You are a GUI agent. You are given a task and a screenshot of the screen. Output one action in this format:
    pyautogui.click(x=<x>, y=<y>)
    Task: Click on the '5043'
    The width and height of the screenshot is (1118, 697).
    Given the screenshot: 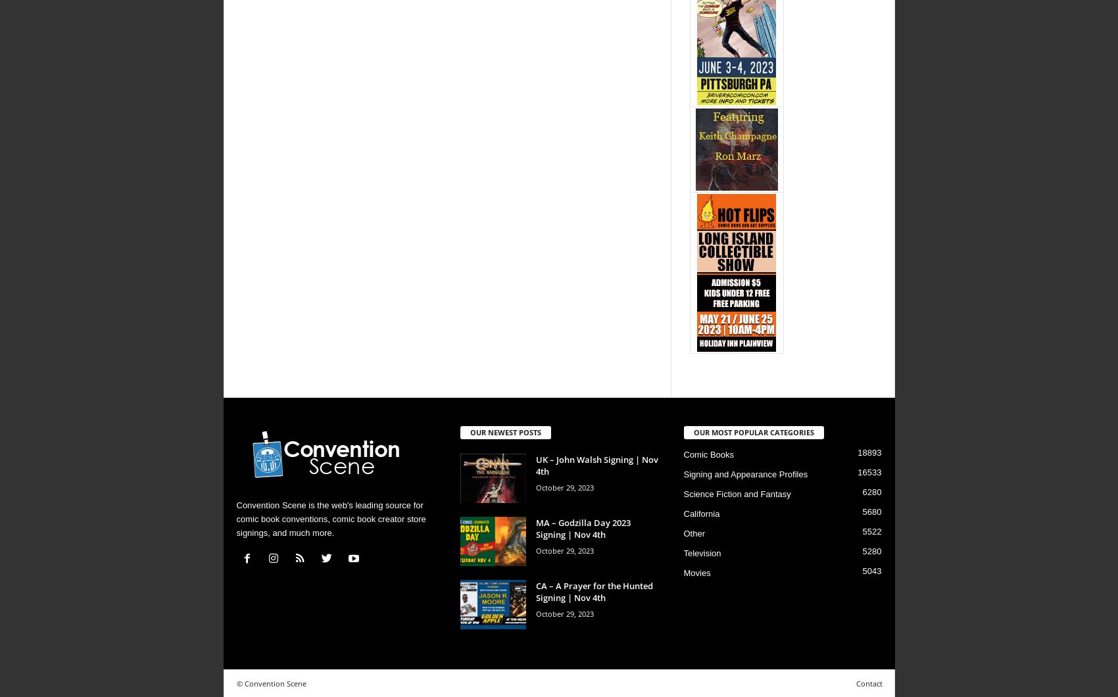 What is the action you would take?
    pyautogui.click(x=871, y=570)
    